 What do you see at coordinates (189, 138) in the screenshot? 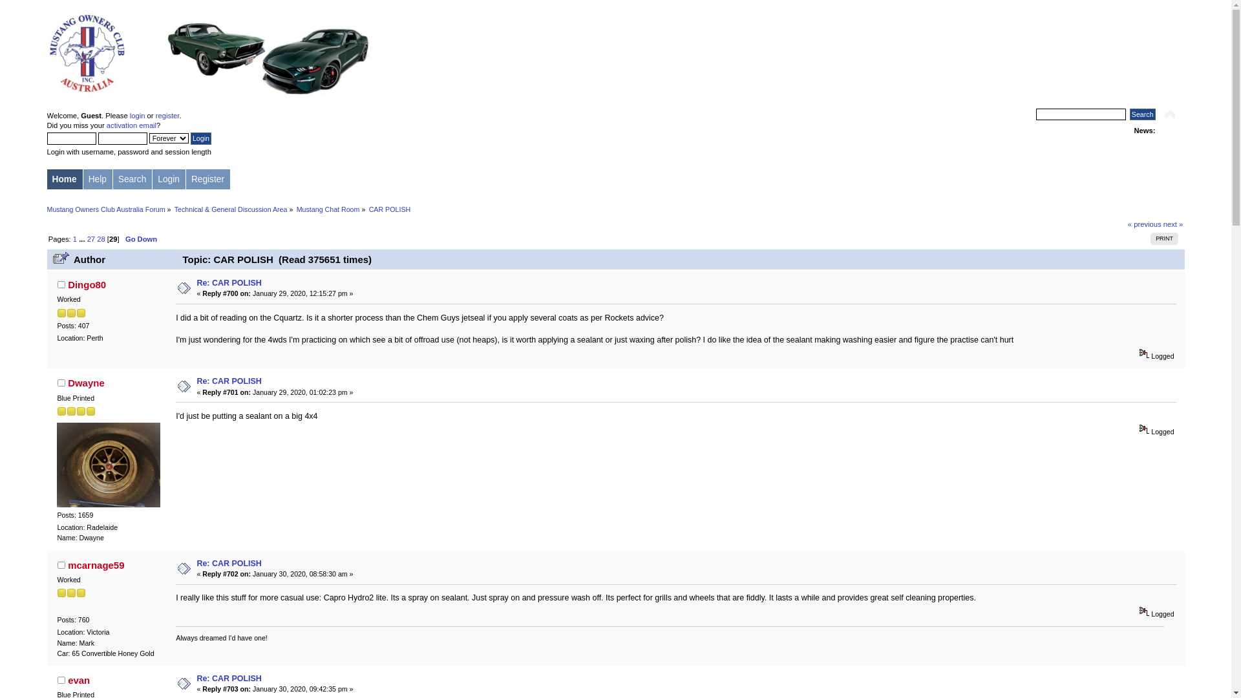
I see `'Login'` at bounding box center [189, 138].